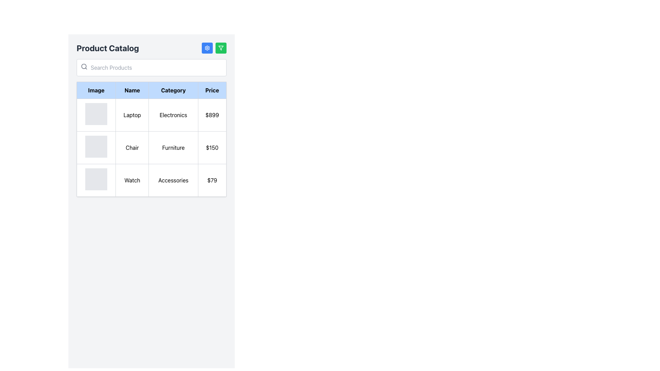 The width and height of the screenshot is (660, 371). What do you see at coordinates (173, 90) in the screenshot?
I see `the Table Header Cell with the text 'Category', which is the third column in the table header, featuring a light blue background and black bold text` at bounding box center [173, 90].